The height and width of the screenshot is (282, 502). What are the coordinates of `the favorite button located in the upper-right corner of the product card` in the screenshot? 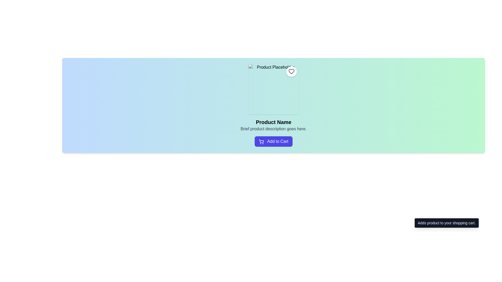 It's located at (291, 71).